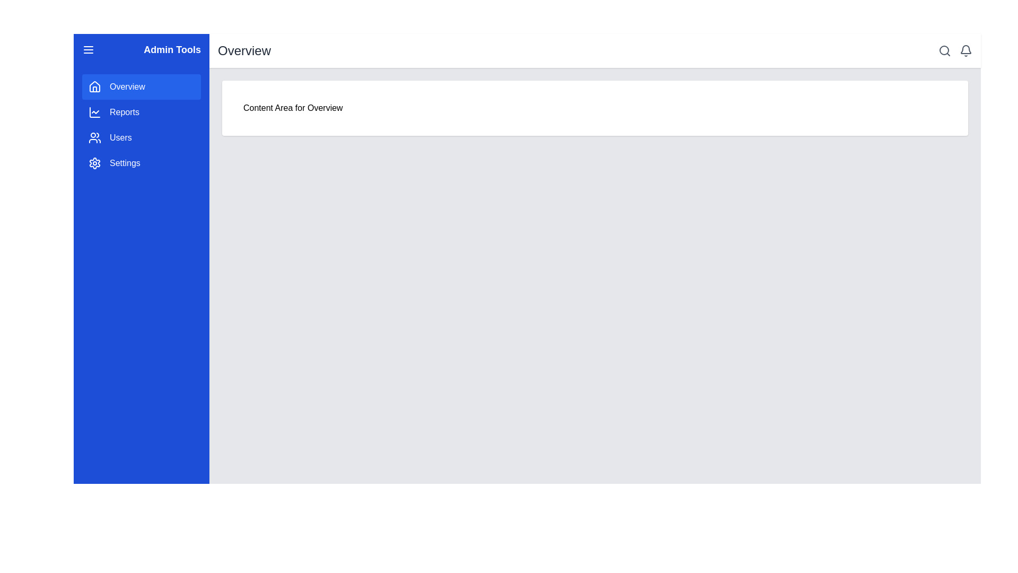  Describe the element at coordinates (120, 137) in the screenshot. I see `the 'Users' text label, which is the third item in the vertical navigation menu on the left-hand side of the interface` at that location.